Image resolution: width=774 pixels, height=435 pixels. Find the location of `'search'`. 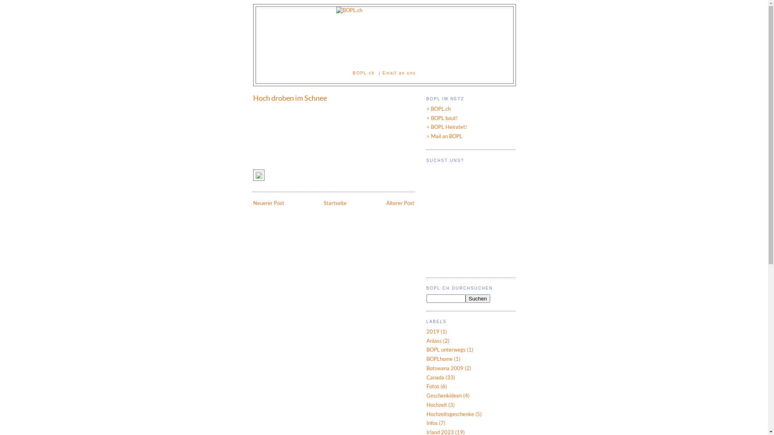

'search' is located at coordinates (477, 298).